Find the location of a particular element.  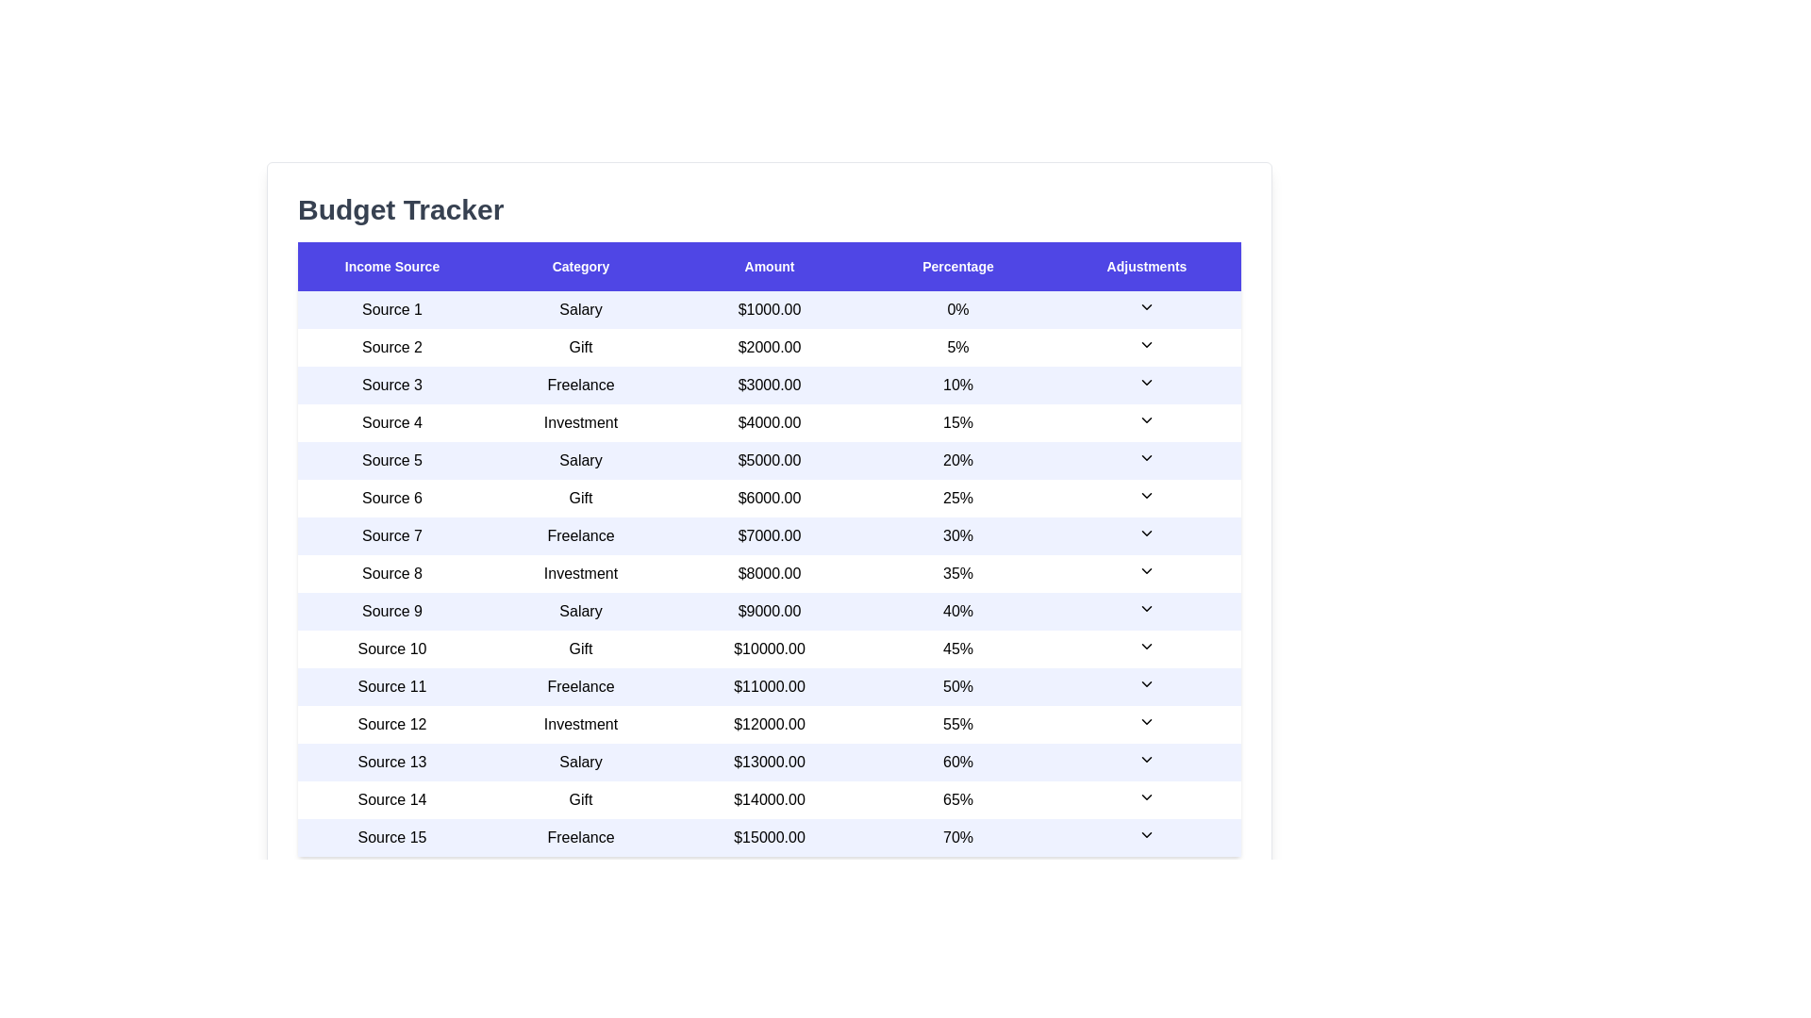

the table header Percentage to sort the table by that column is located at coordinates (958, 266).